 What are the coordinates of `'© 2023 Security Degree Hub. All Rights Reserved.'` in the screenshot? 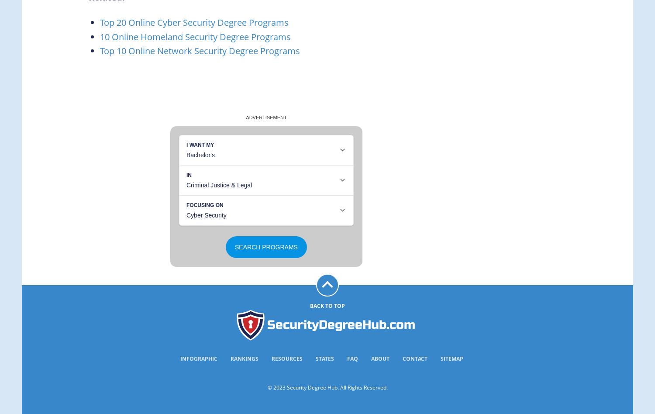 It's located at (267, 386).